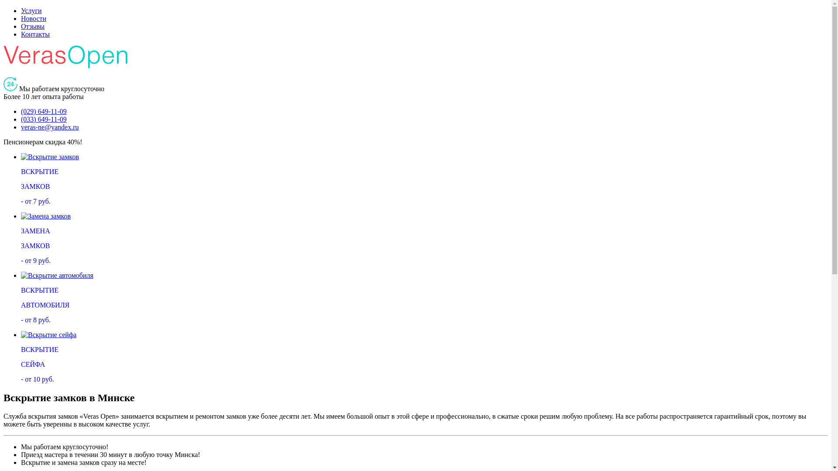 The width and height of the screenshot is (838, 471). I want to click on '(033) 649-11-09', so click(43, 119).